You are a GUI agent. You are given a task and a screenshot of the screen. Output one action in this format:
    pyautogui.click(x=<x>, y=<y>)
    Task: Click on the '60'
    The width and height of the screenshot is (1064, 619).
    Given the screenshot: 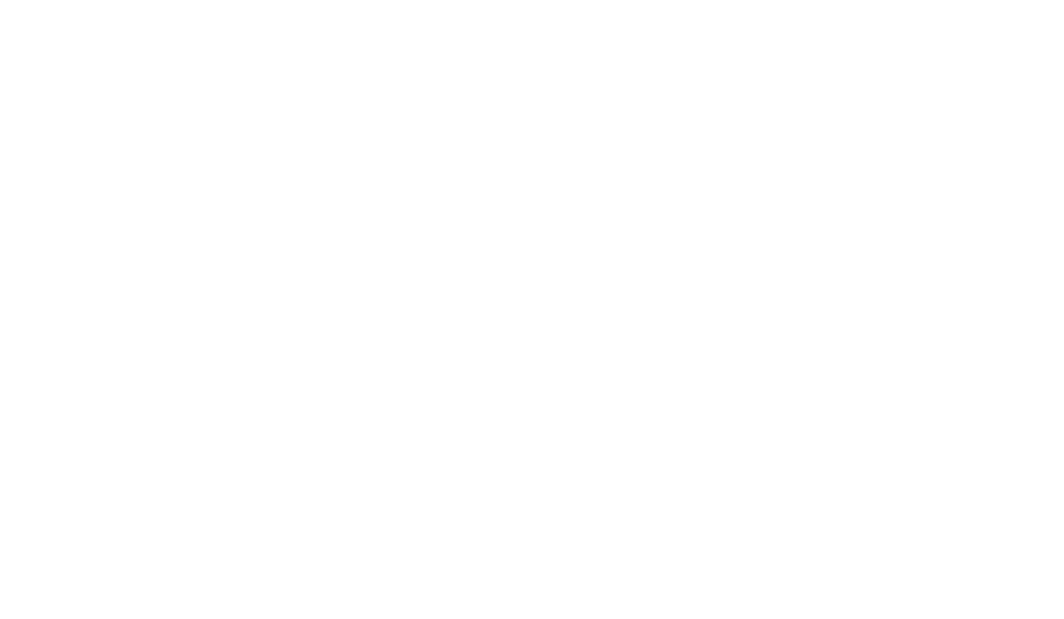 What is the action you would take?
    pyautogui.click(x=511, y=535)
    